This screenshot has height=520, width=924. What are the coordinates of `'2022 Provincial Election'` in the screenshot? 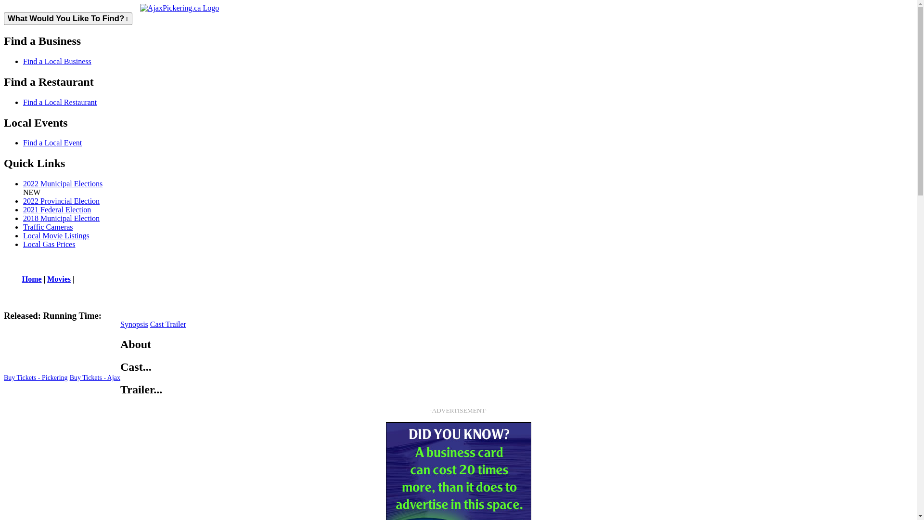 It's located at (61, 200).